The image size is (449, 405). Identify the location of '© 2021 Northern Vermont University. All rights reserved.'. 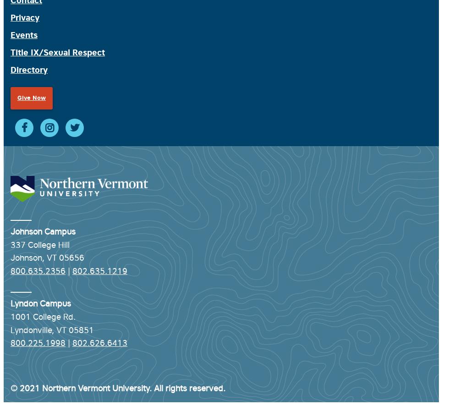
(11, 388).